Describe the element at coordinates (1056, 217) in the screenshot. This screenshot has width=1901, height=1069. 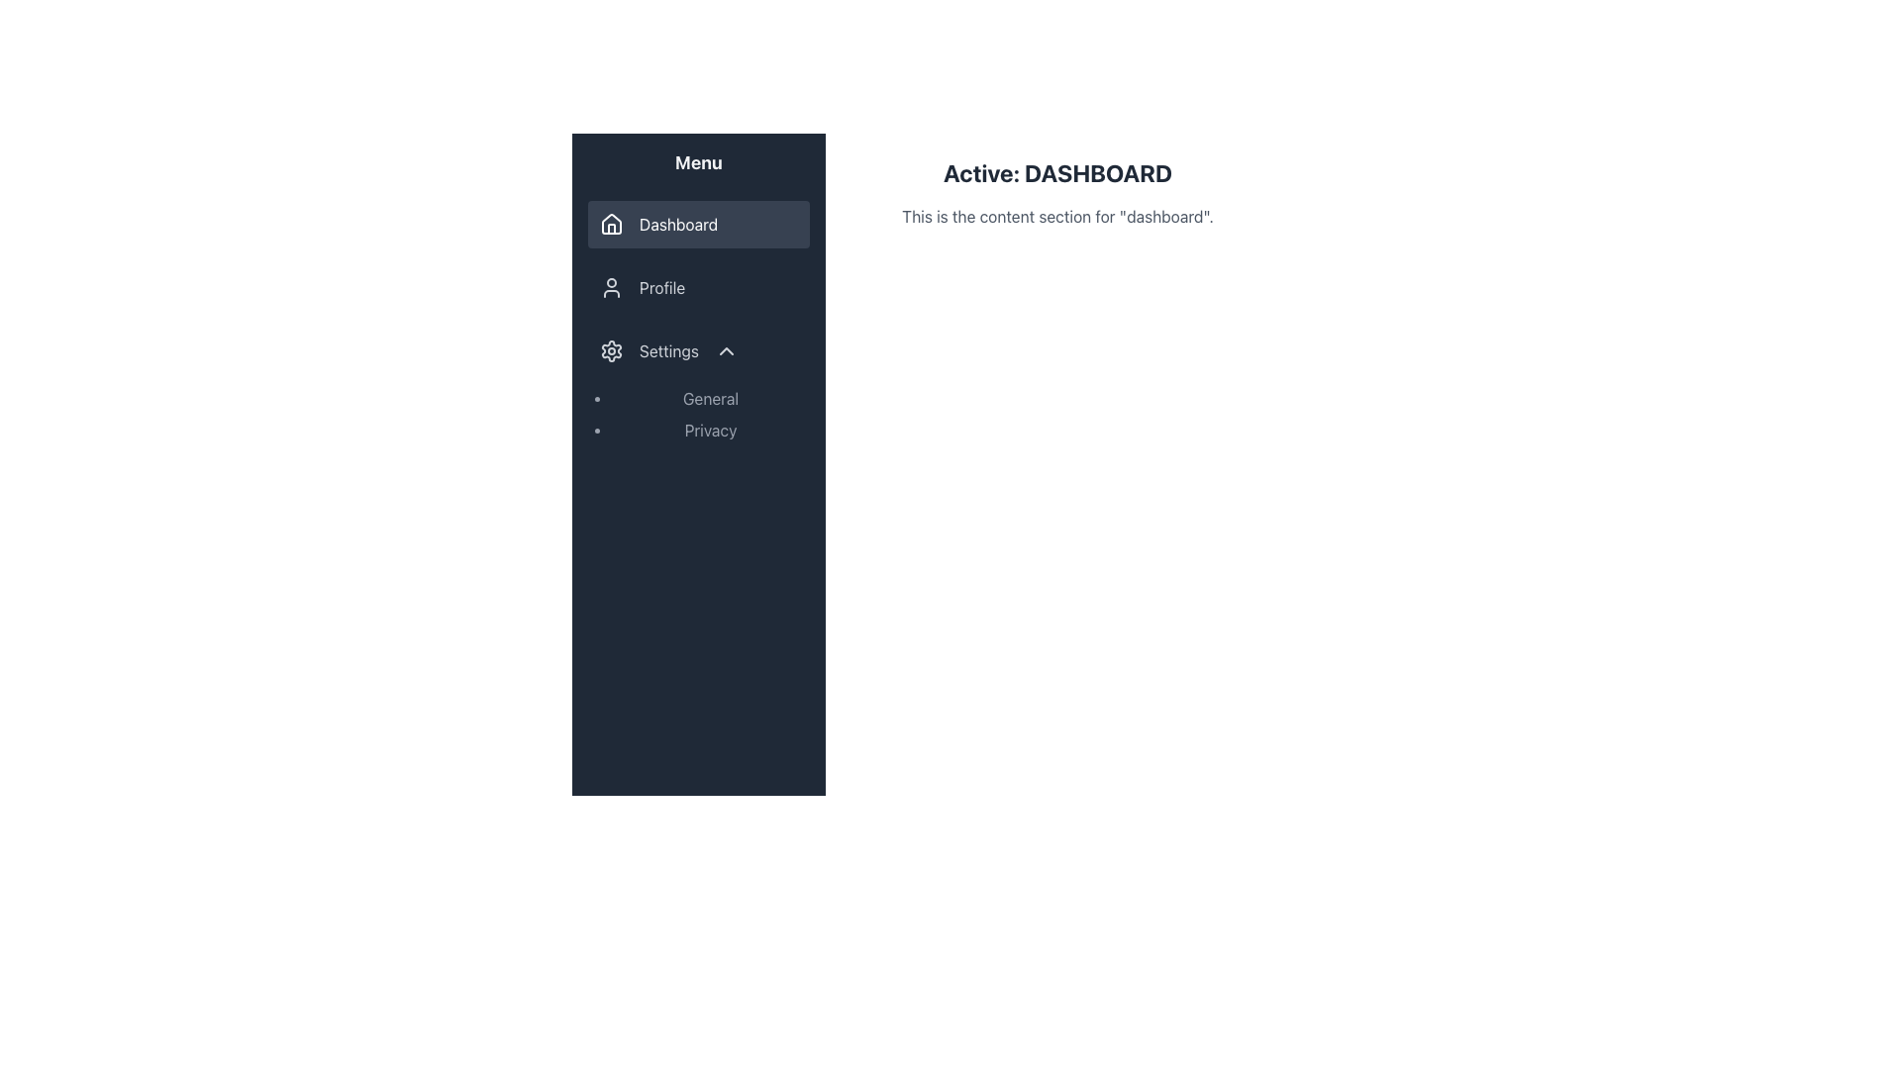
I see `the static text label that provides descriptive information about the current section of the application, located directly under the header 'Active: DASHBOARD' and horizontally centered in the main content area` at that location.